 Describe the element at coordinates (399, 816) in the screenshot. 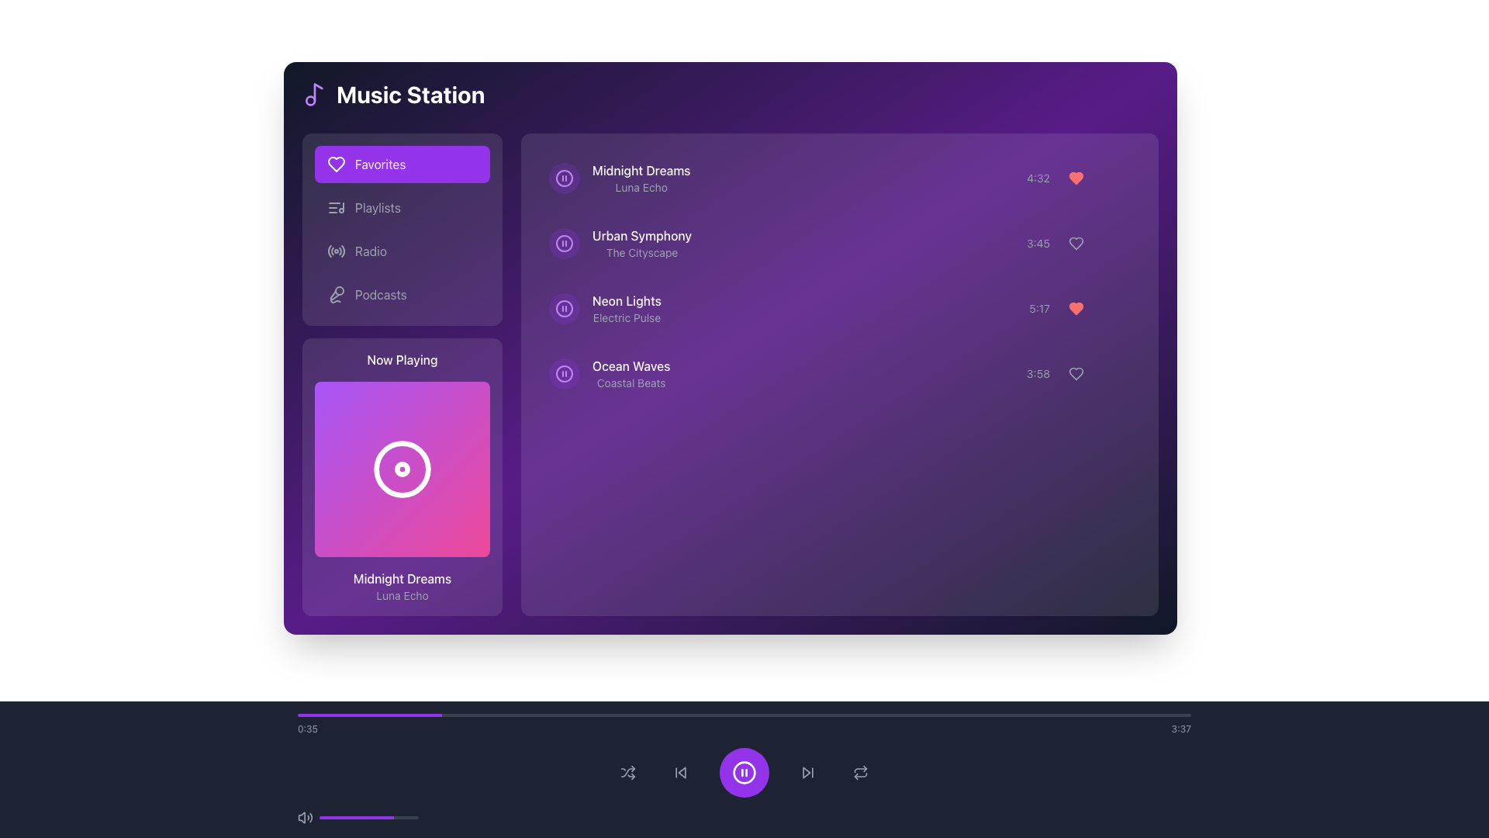

I see `the slider value` at that location.